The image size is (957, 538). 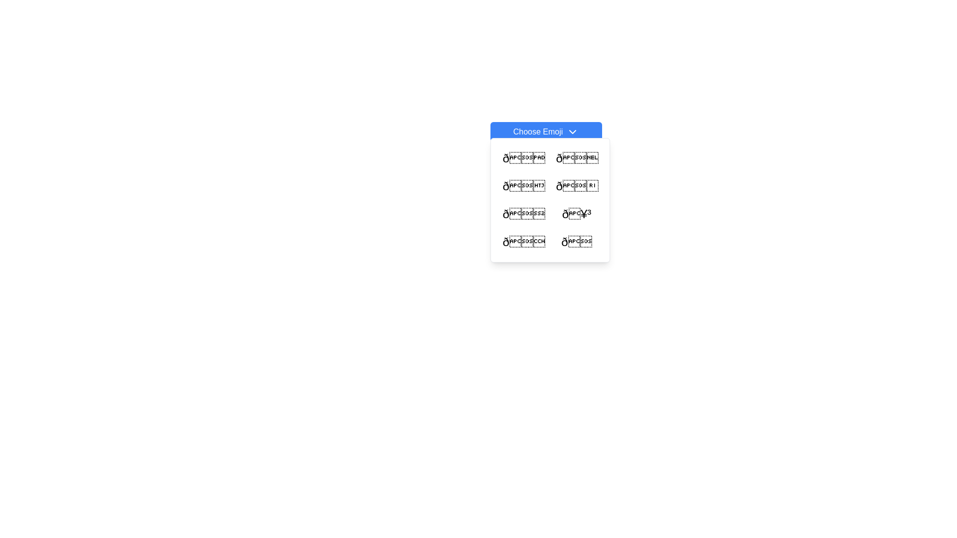 I want to click on the interactive emoji selection button located in the lower-left corner of the emoji grid menu, so click(x=523, y=242).